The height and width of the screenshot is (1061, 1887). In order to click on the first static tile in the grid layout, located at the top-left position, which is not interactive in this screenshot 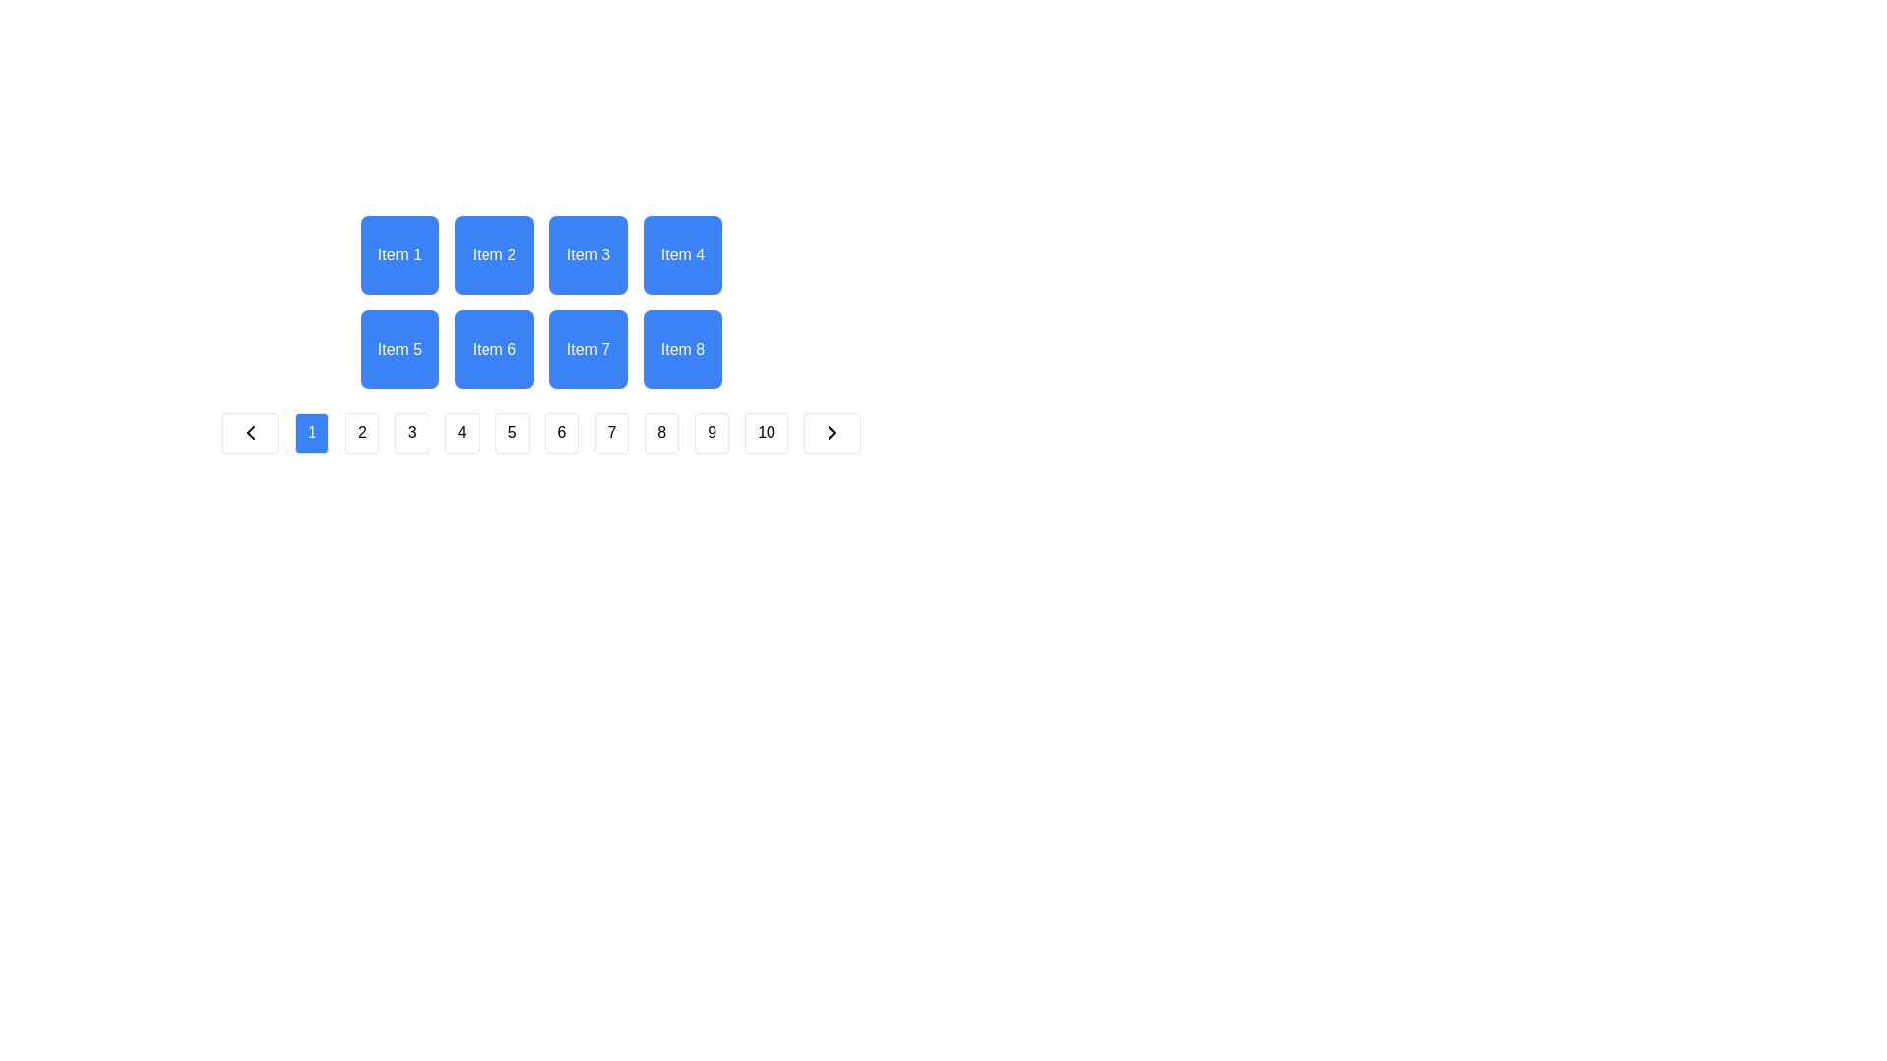, I will do `click(399, 253)`.